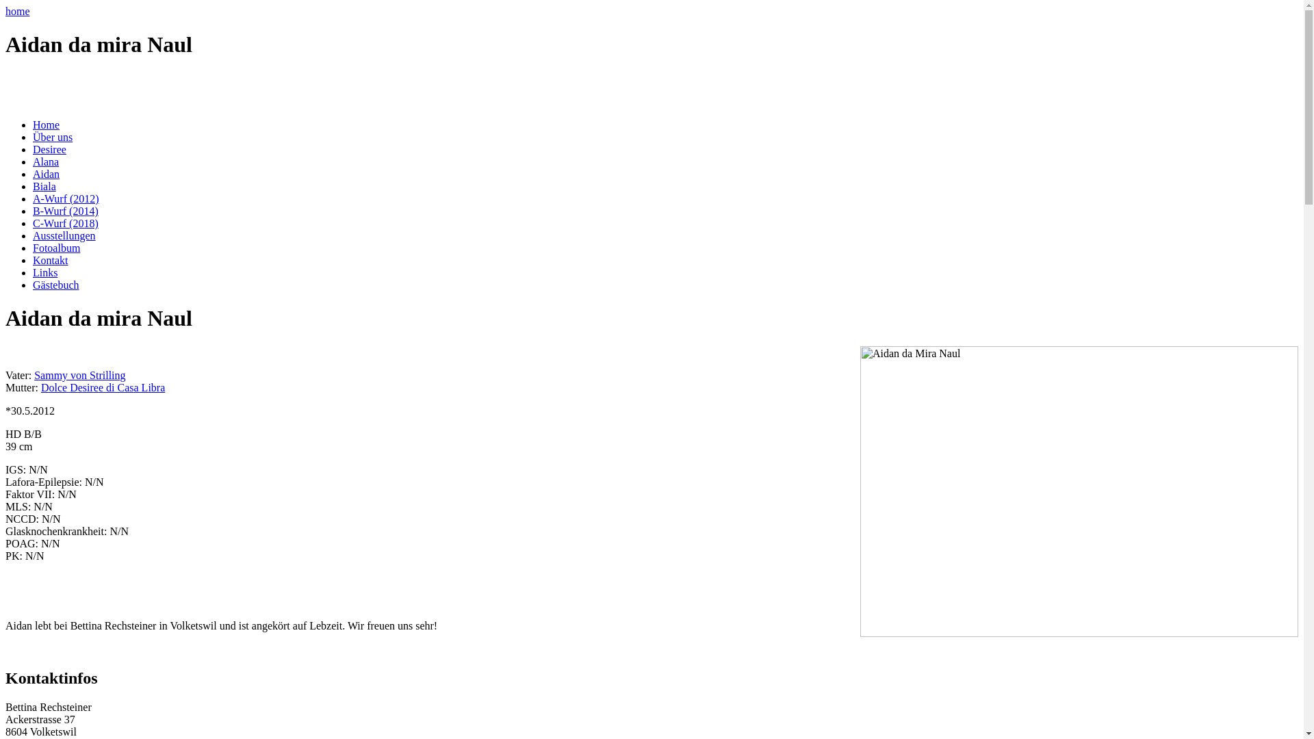 This screenshot has height=739, width=1314. Describe the element at coordinates (45, 272) in the screenshot. I see `'Links'` at that location.